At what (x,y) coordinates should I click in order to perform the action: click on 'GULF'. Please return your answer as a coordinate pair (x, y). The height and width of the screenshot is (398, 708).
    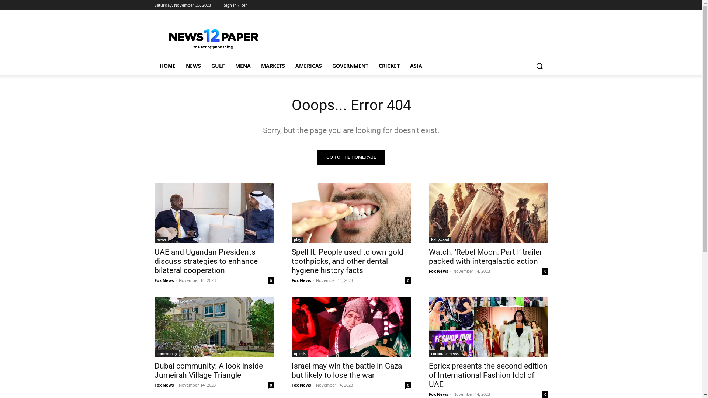
    Looking at the image, I should click on (217, 65).